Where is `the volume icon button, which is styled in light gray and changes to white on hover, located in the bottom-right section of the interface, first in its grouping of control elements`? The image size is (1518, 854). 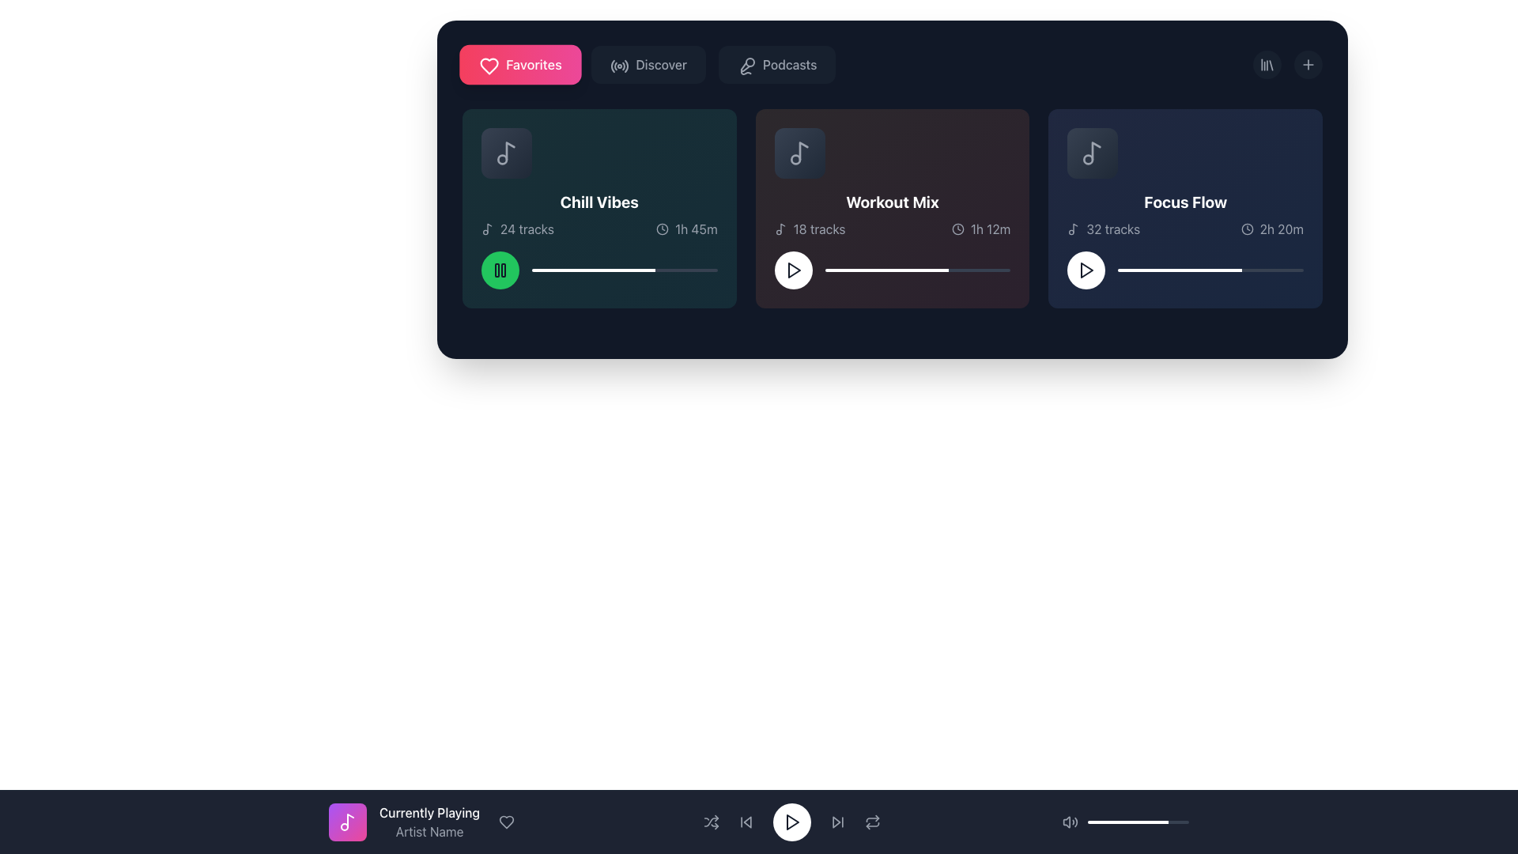
the volume icon button, which is styled in light gray and changes to white on hover, located in the bottom-right section of the interface, first in its grouping of control elements is located at coordinates (1070, 822).